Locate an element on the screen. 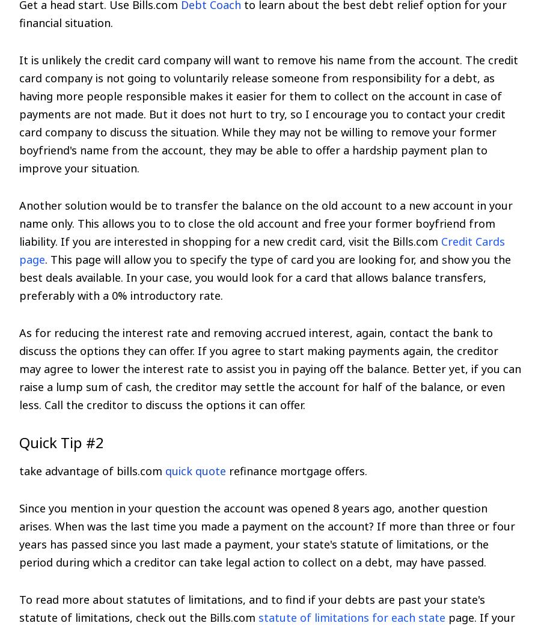 The width and height of the screenshot is (541, 629). 'take advantage of bills.com' is located at coordinates (92, 470).